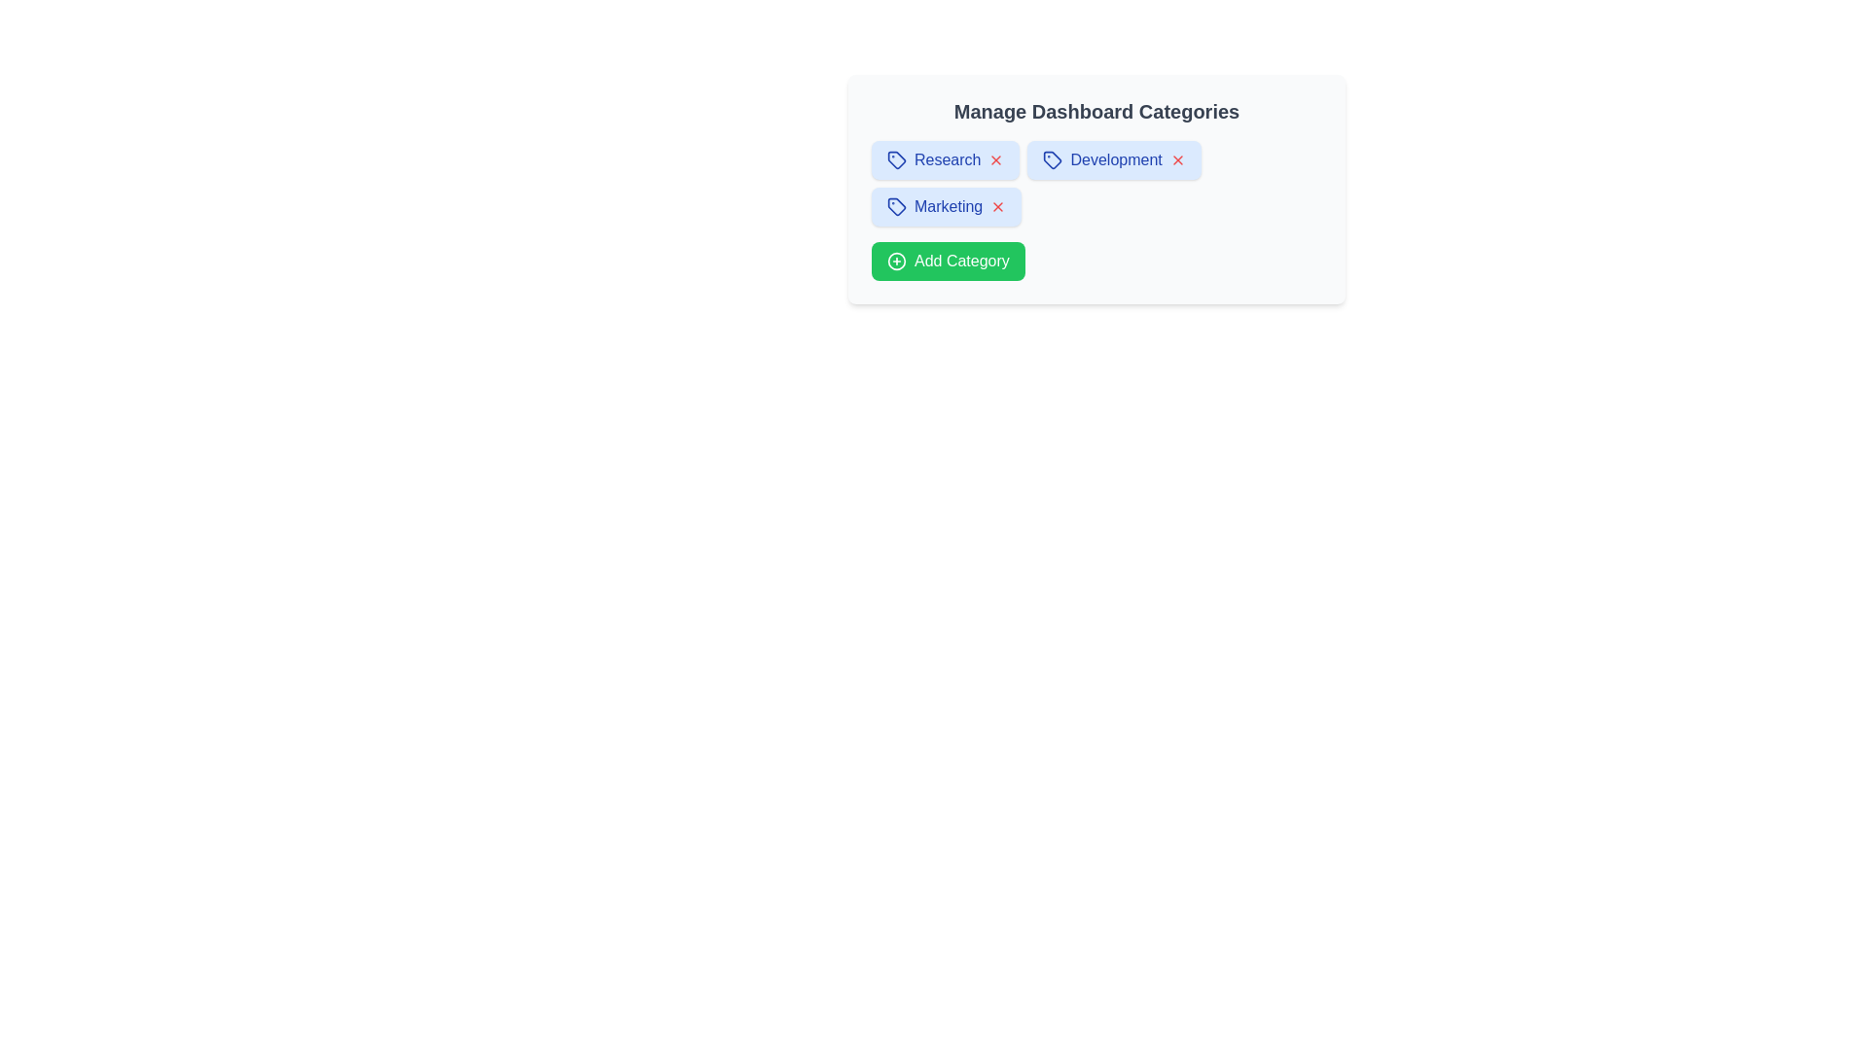  I want to click on the heading 'Manage Dashboard Categories' to focus on it, so click(1096, 112).